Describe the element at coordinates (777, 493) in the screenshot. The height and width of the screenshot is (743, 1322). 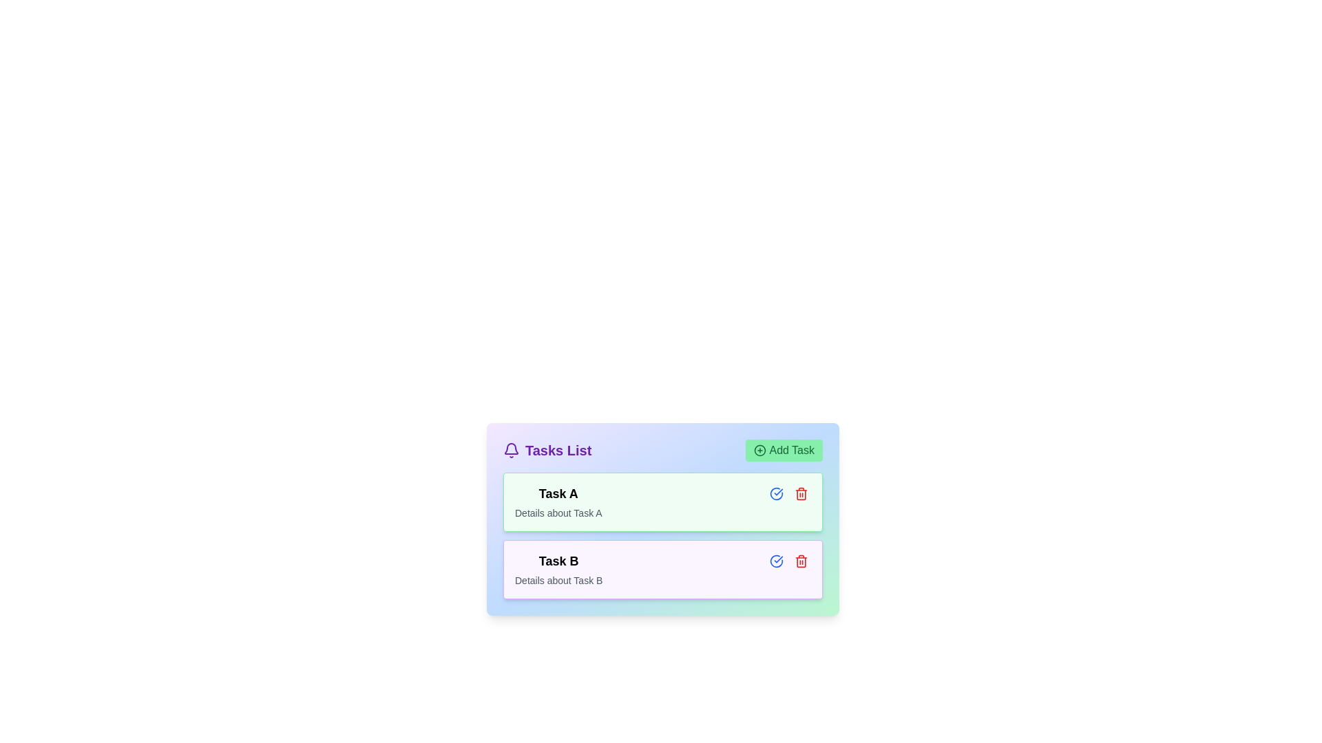
I see `the Icon Button that marks 'Task A' as completed` at that location.